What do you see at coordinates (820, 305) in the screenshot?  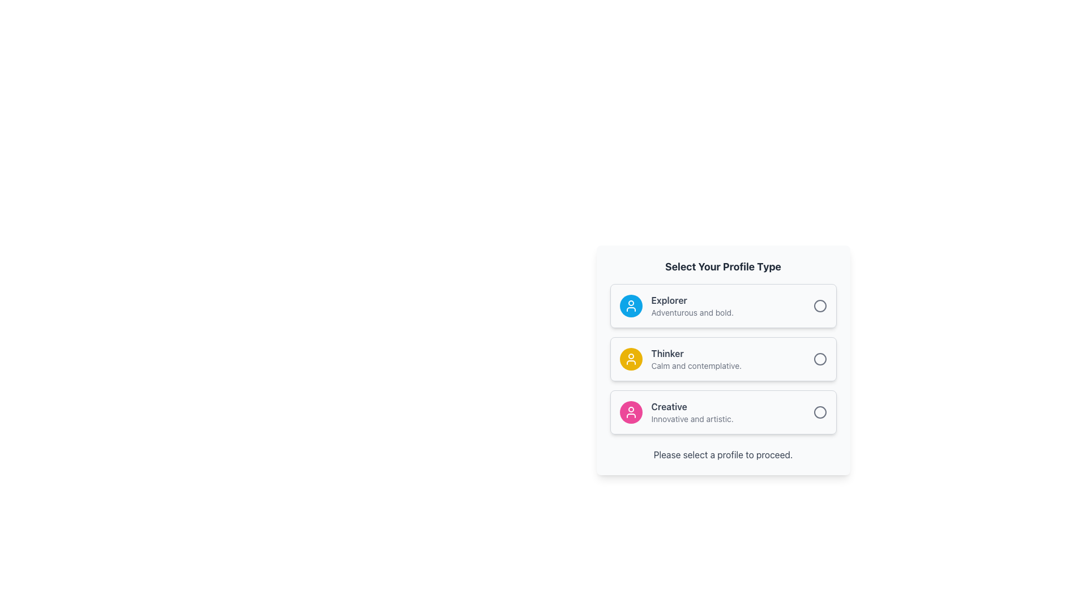 I see `the circular radio button at the far right of the list item labeled 'Explorer Adventurous and bold'` at bounding box center [820, 305].